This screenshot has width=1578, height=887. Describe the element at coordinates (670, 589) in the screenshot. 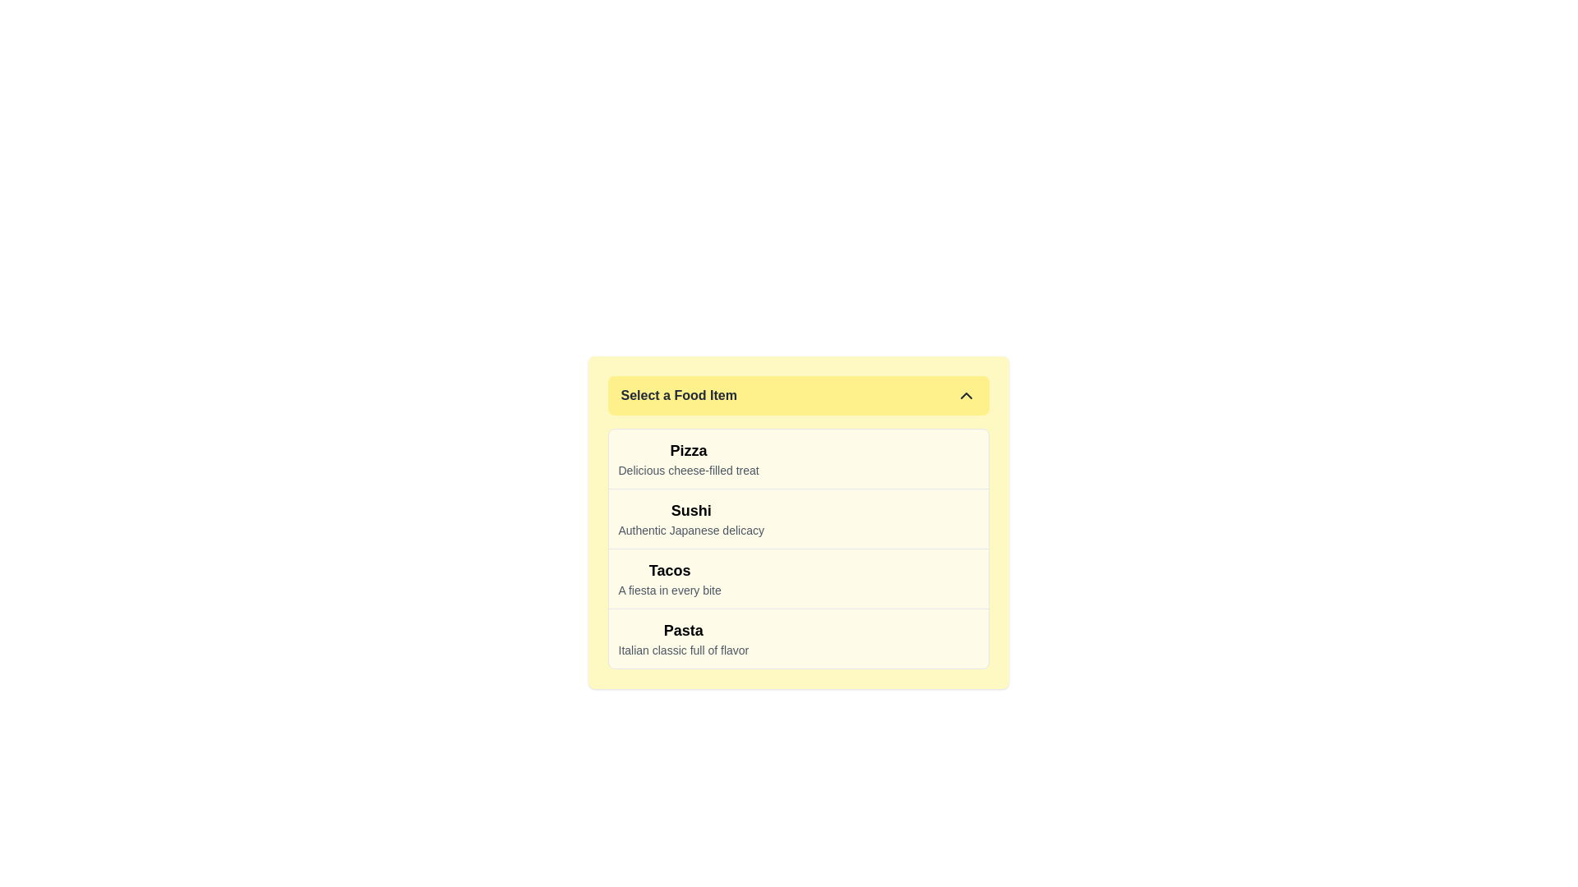

I see `the text label that reads 'A fiesta in every bite', which is styled in light gray and located beneath the 'Tacos' title within the 'Select a Food Item' dropdown menu` at that location.